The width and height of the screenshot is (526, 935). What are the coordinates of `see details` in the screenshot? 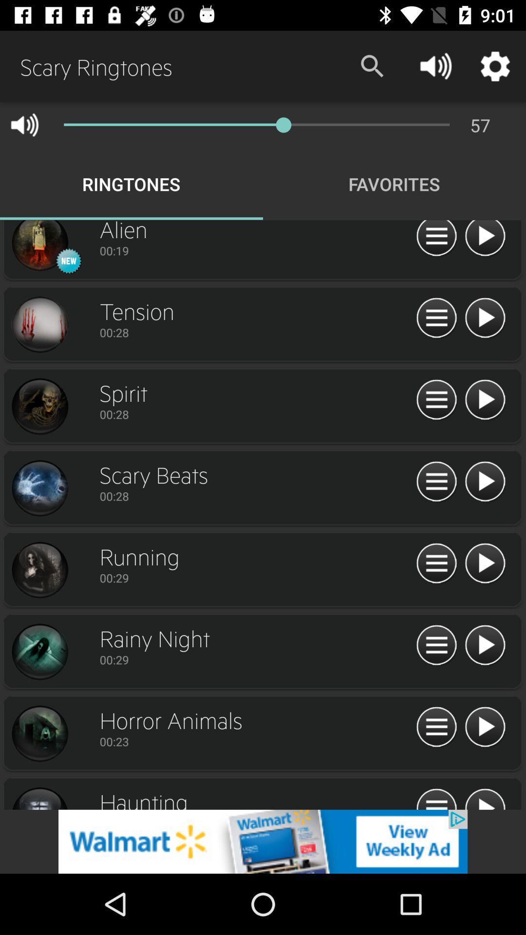 It's located at (436, 482).